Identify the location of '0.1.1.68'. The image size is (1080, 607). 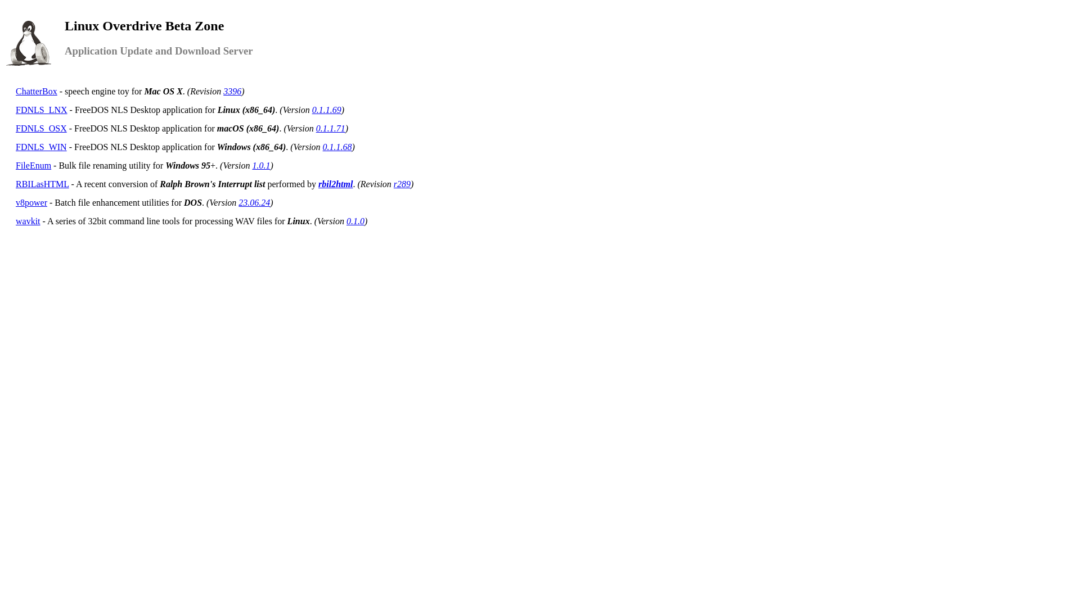
(337, 146).